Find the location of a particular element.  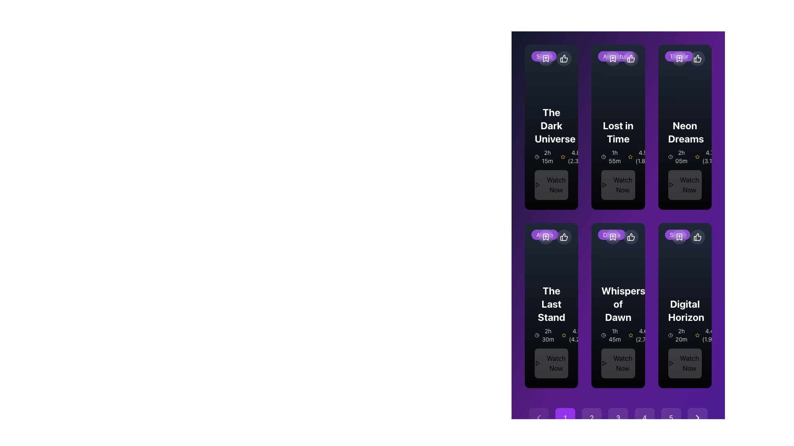

the title text label that displays the name of the media or content item, which is centrally located in its column within a 3-column grid layout, positioned above the duration and rating details is located at coordinates (618, 304).